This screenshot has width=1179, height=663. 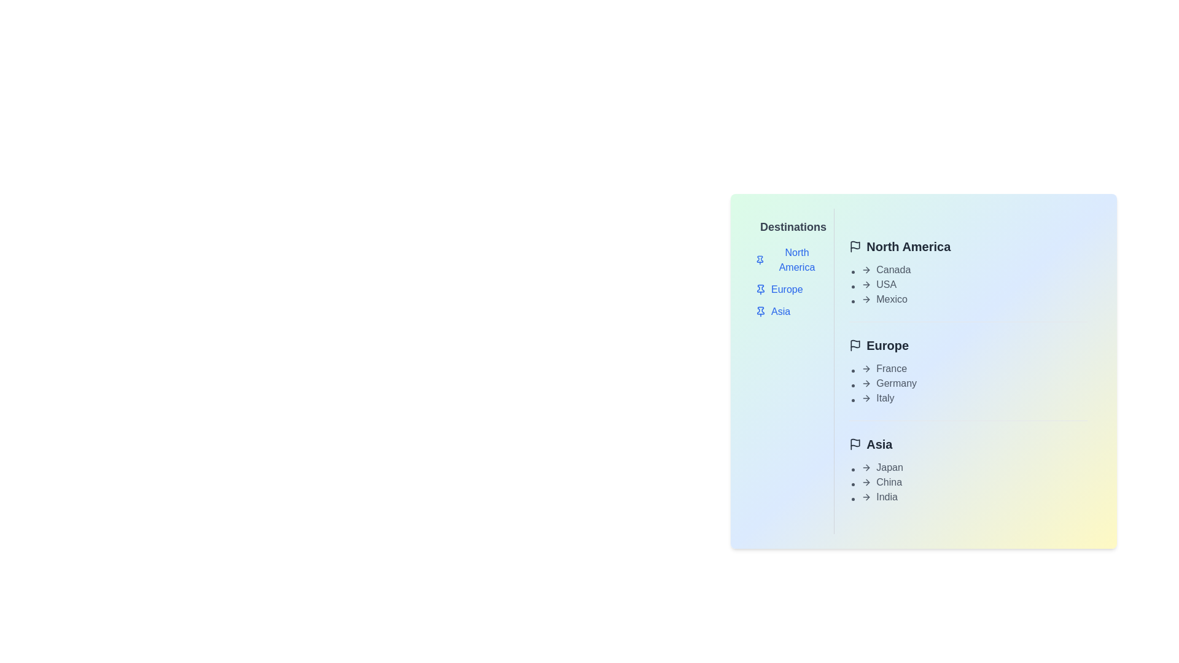 I want to click on the item labeled 'Europe' in the List of items with associated icons, so click(x=790, y=282).